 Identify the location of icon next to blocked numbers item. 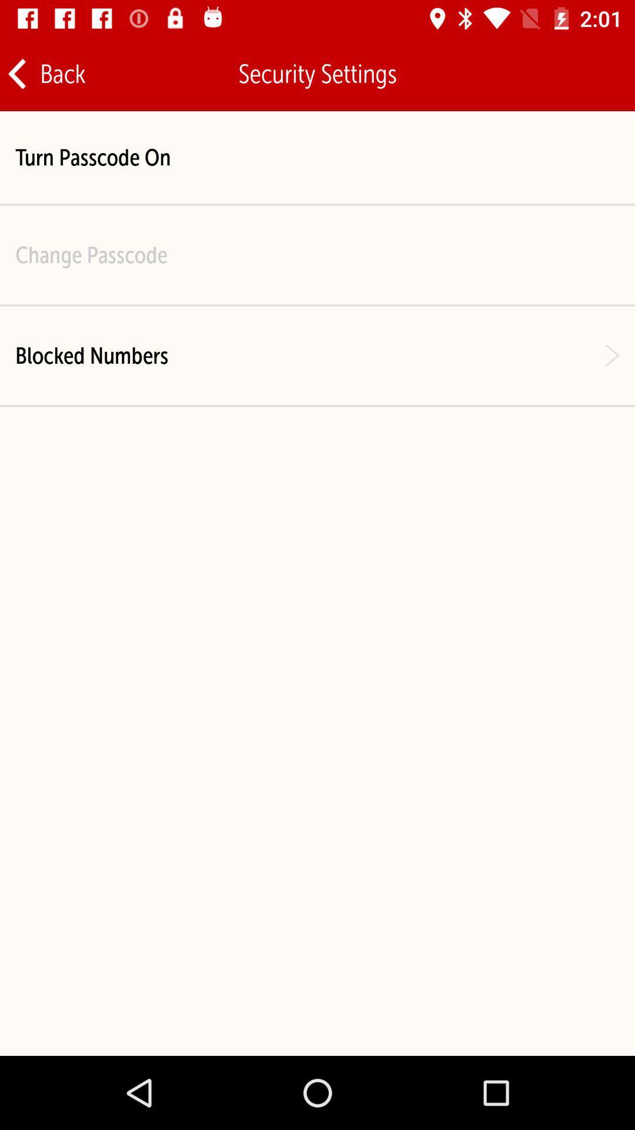
(611, 355).